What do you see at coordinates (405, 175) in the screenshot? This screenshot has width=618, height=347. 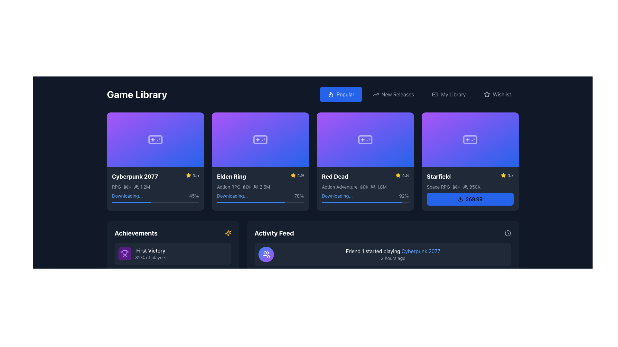 I see `the Text label displaying the rating value for the 'Red Dead' game, located in the third column of the game cards section` at bounding box center [405, 175].